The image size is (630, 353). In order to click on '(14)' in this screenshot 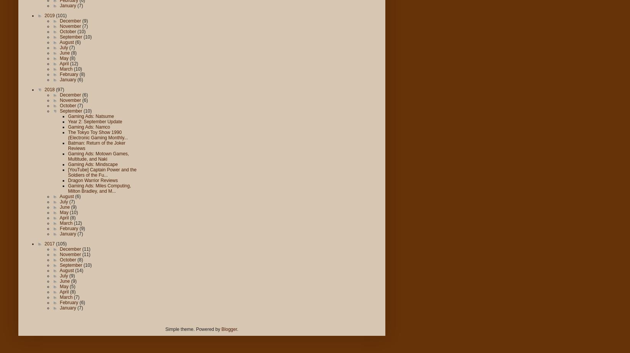, I will do `click(79, 271)`.